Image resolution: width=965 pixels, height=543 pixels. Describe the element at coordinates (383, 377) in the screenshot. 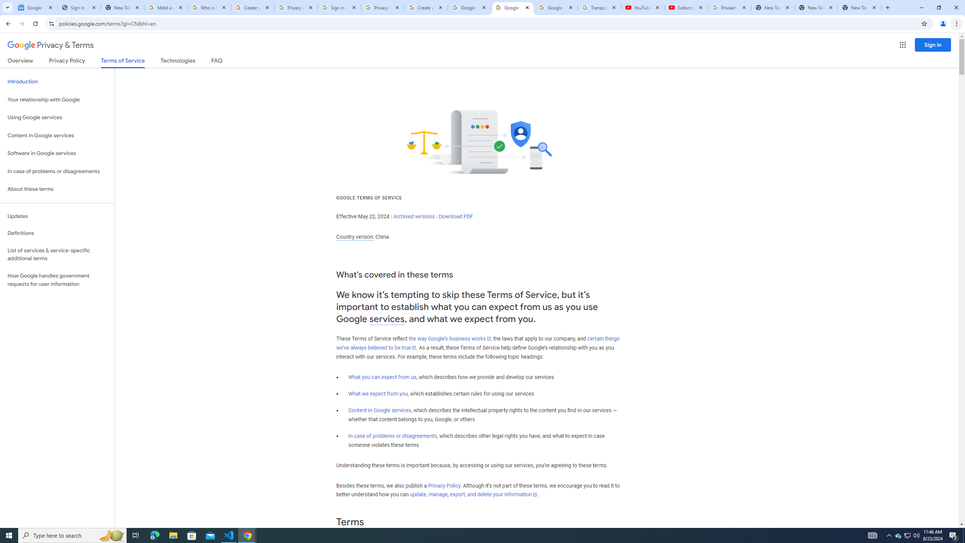

I see `'What you can expect from us'` at that location.